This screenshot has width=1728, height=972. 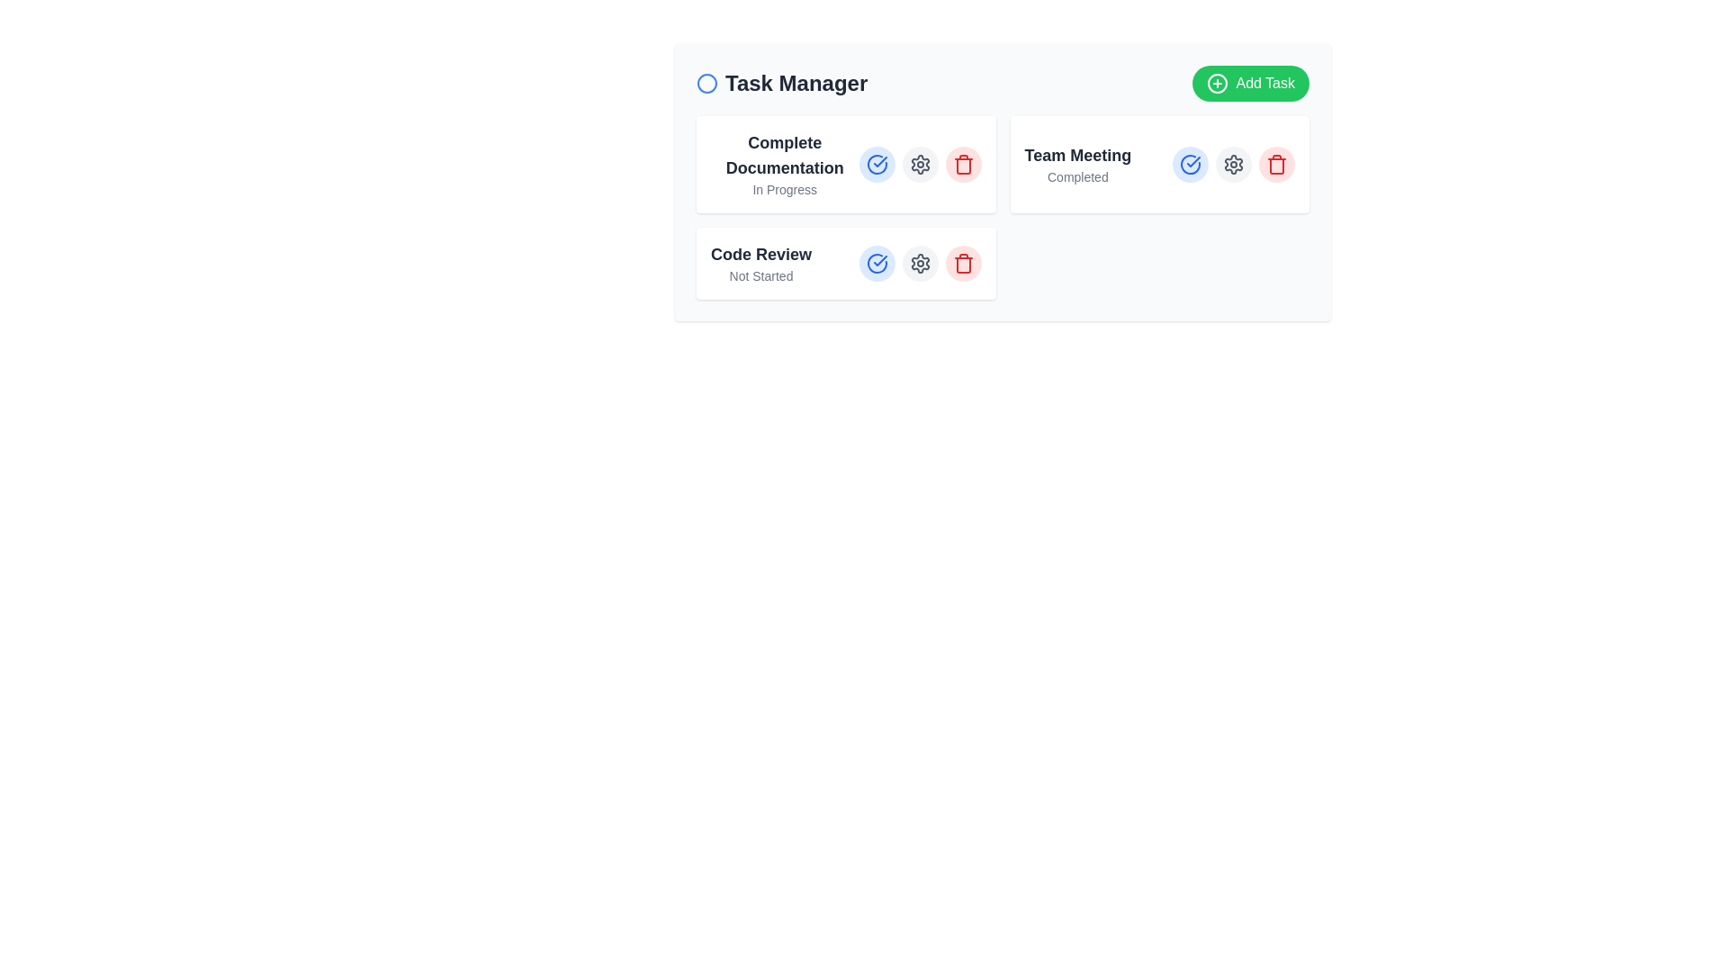 What do you see at coordinates (785, 155) in the screenshot?
I see `header text 'Complete Documentation' which is styled in bold and larger font, located at the top-left of the Task Manager interface, above 'In Progress'` at bounding box center [785, 155].